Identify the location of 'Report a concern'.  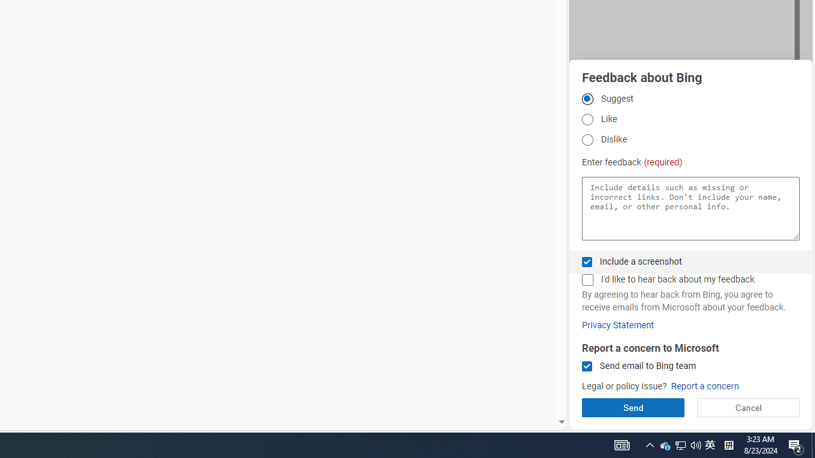
(704, 385).